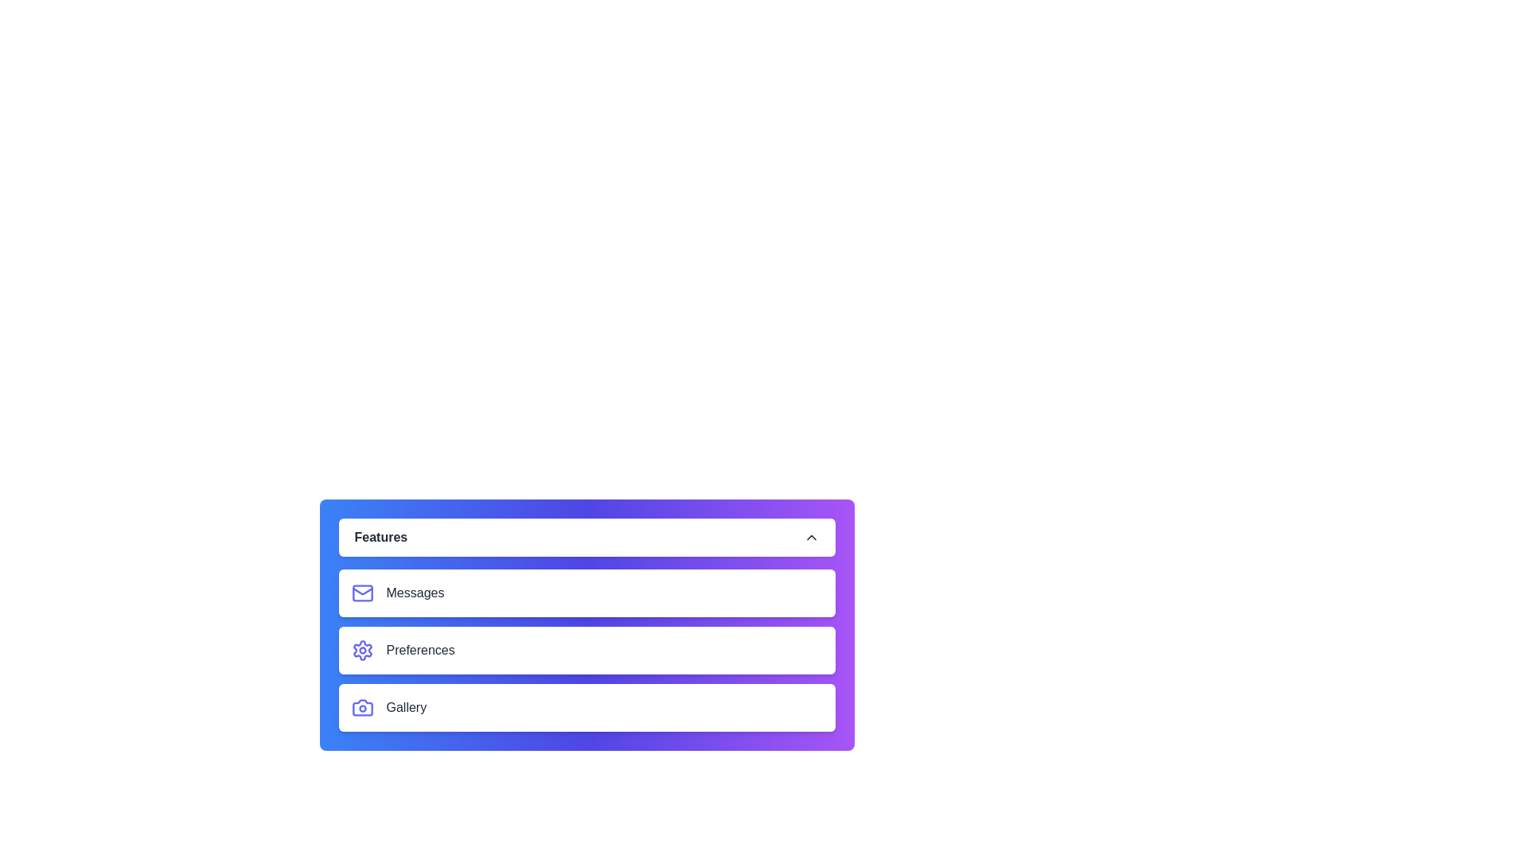 The image size is (1528, 859). I want to click on the menu item Preferences to select it, so click(586, 650).